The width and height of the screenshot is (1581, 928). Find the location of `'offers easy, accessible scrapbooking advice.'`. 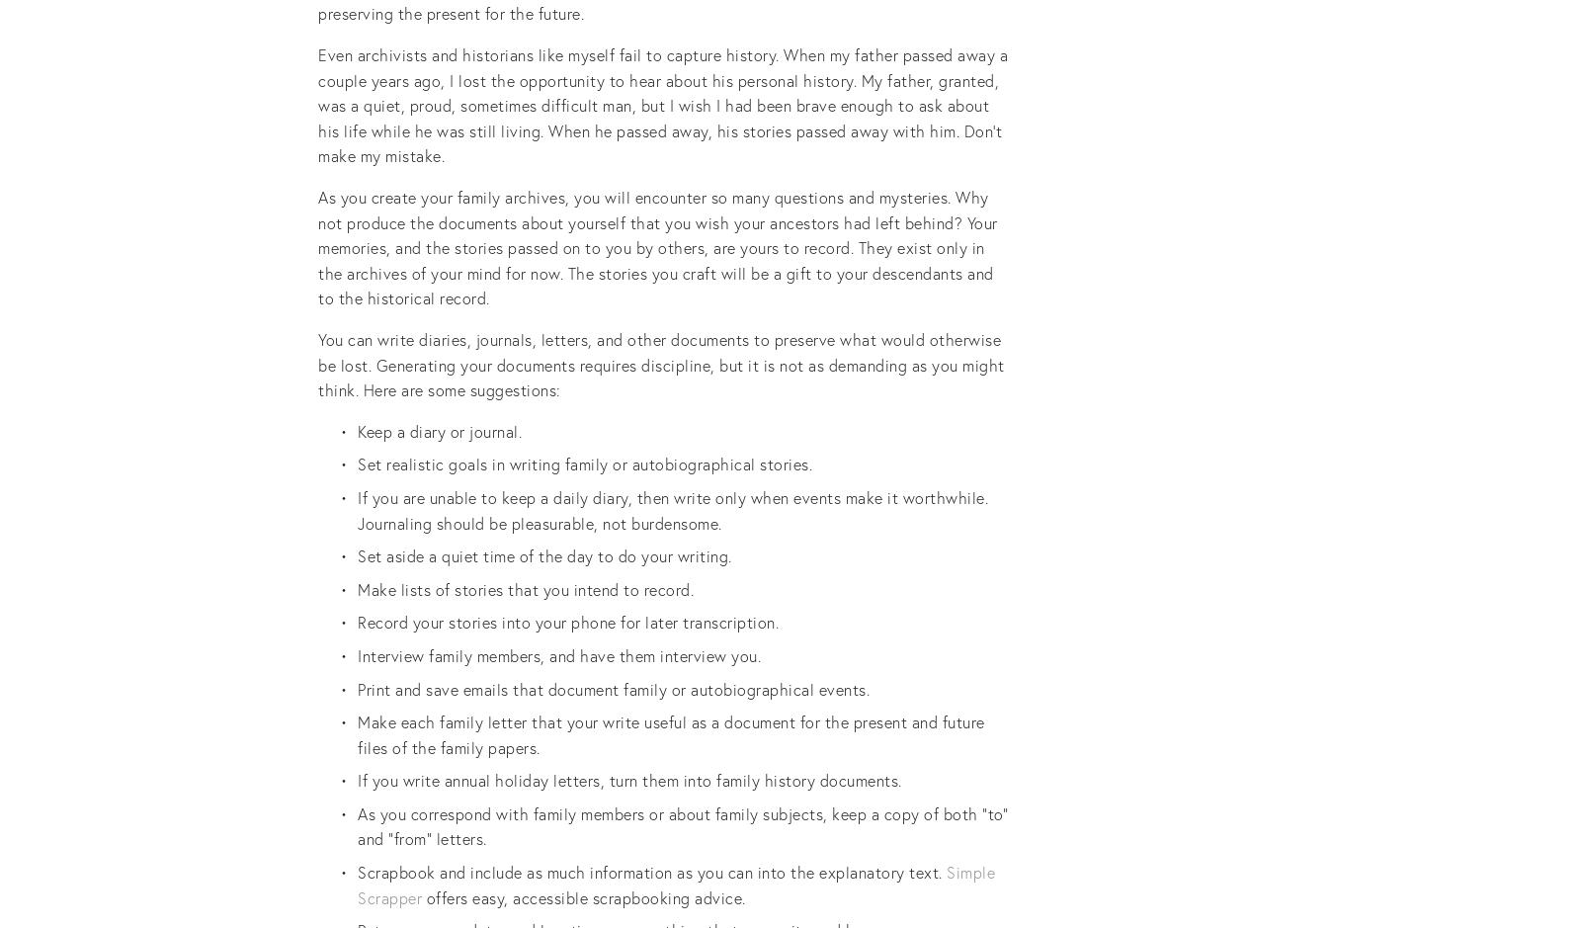

'offers easy, accessible scrapbooking advice.' is located at coordinates (584, 895).